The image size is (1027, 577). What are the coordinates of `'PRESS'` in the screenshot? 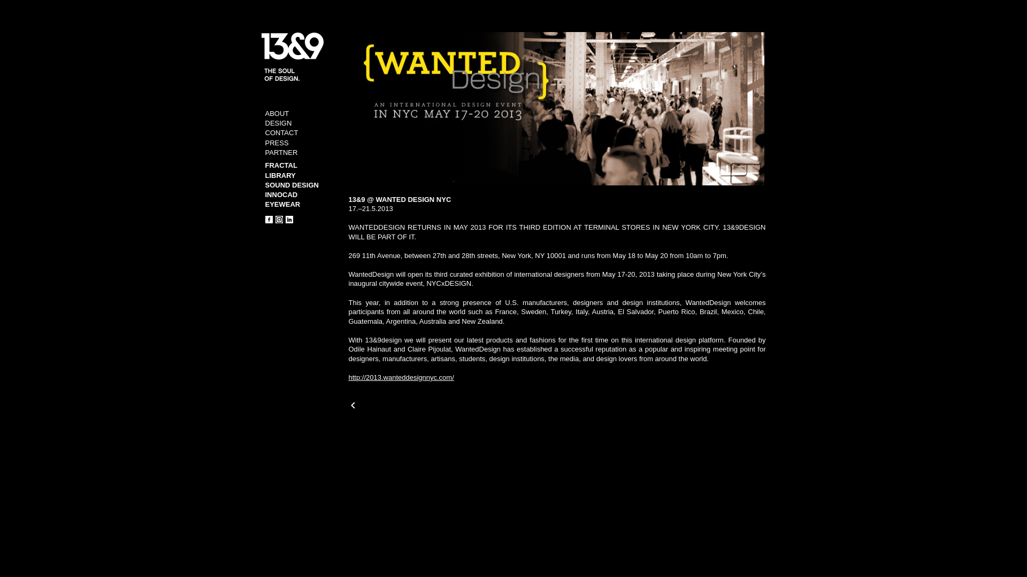 It's located at (277, 142).